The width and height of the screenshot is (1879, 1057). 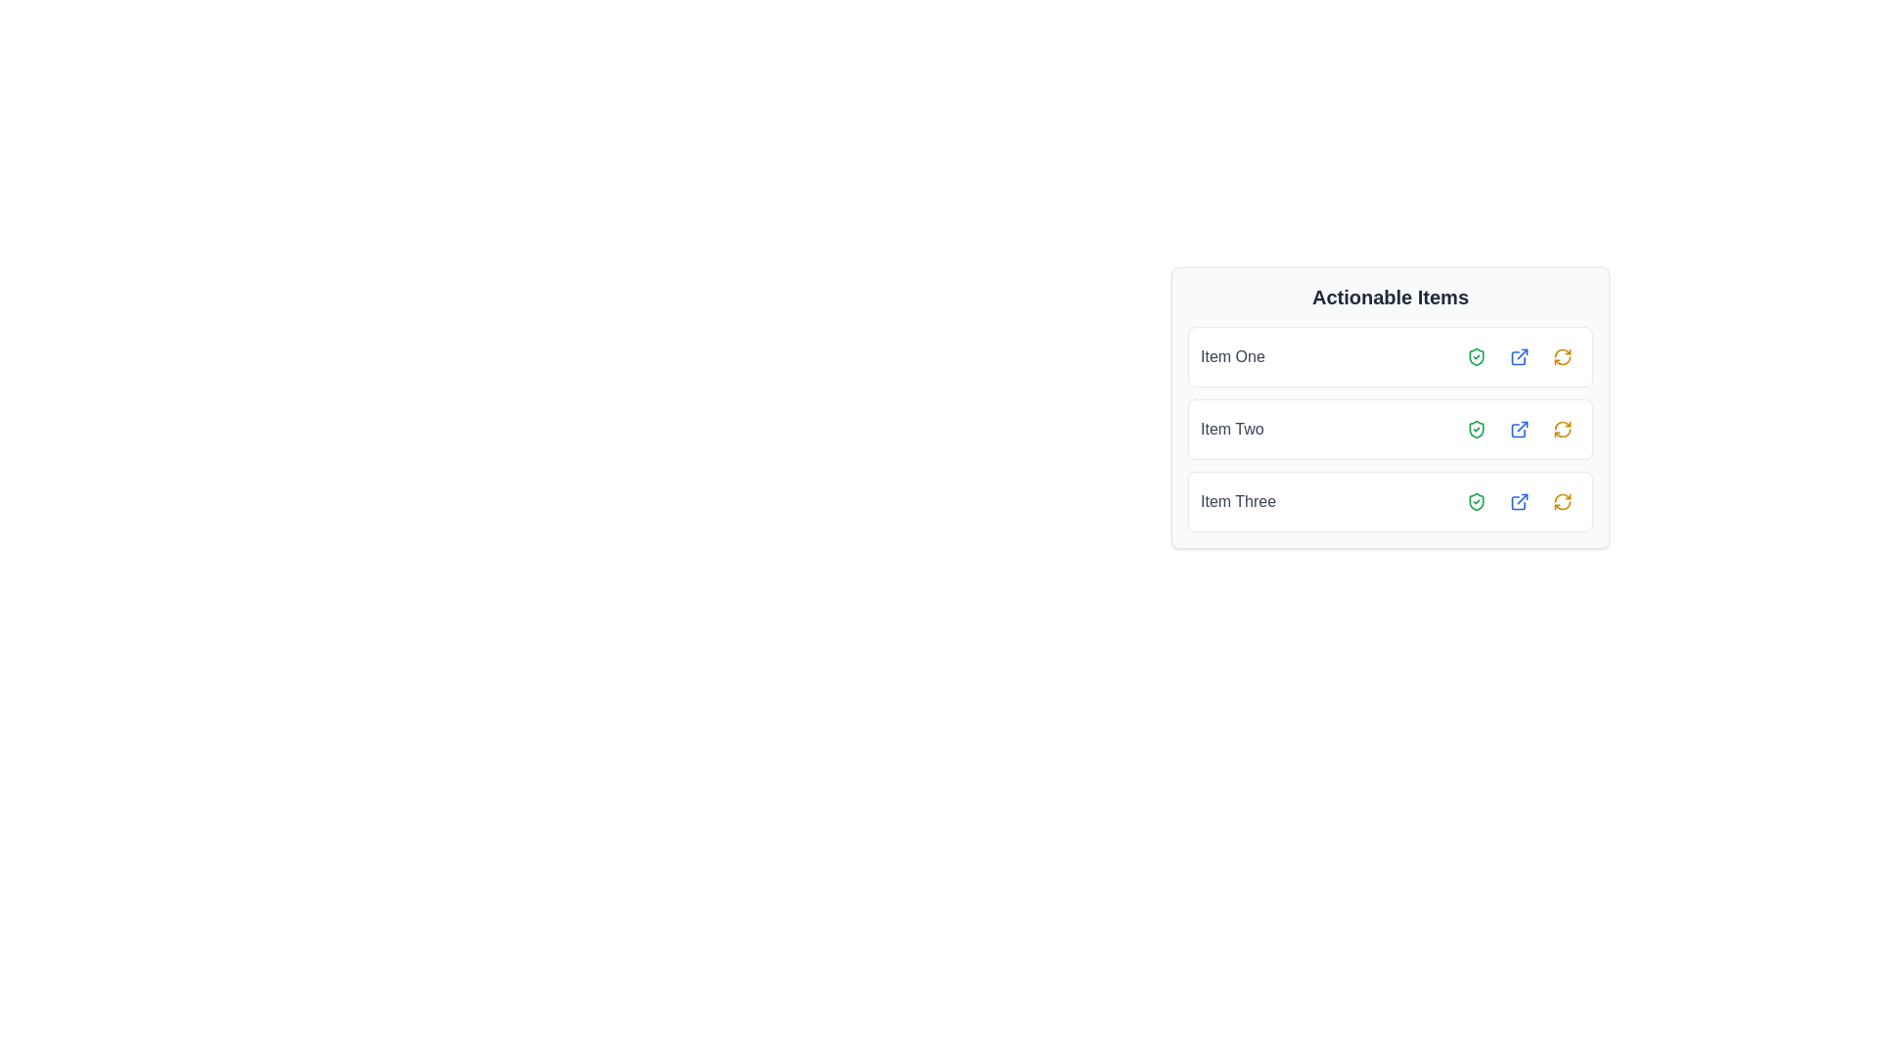 I want to click on the external link icon located in the third row of the 'Actionable Items' table, adjacent to 'Item Three', so click(x=1519, y=501).